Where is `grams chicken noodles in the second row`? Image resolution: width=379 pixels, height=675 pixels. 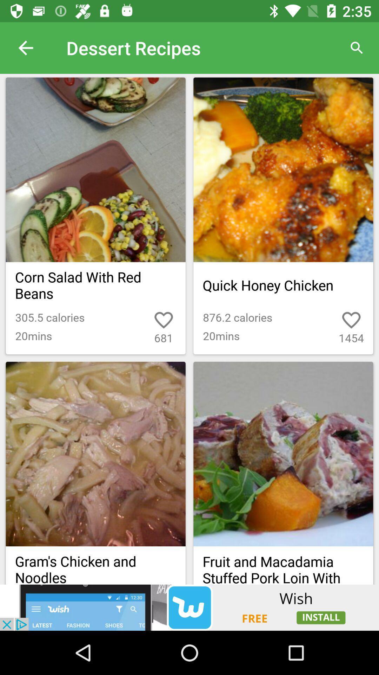 grams chicken noodles in the second row is located at coordinates (96, 565).